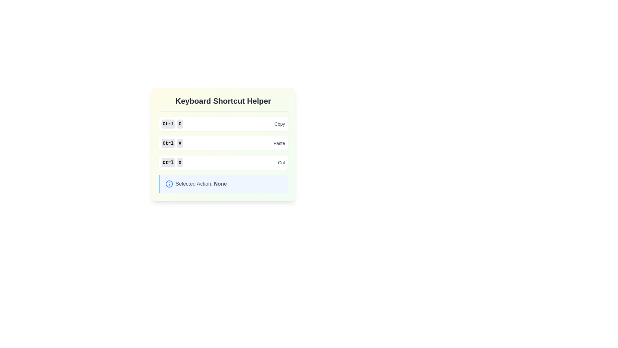  I want to click on text label component that conveys the 'Ctrl+X' keyboard shortcut for the 'Cut' command in the 'Keyboard Shortcut Helper' interface, positioned in the third row below the 'Copy' and 'Paste' commands, so click(172, 162).